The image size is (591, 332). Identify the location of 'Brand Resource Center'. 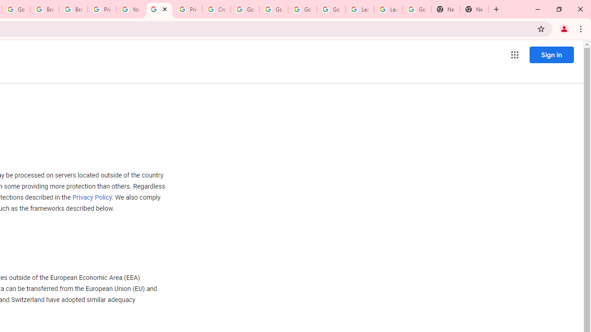
(72, 9).